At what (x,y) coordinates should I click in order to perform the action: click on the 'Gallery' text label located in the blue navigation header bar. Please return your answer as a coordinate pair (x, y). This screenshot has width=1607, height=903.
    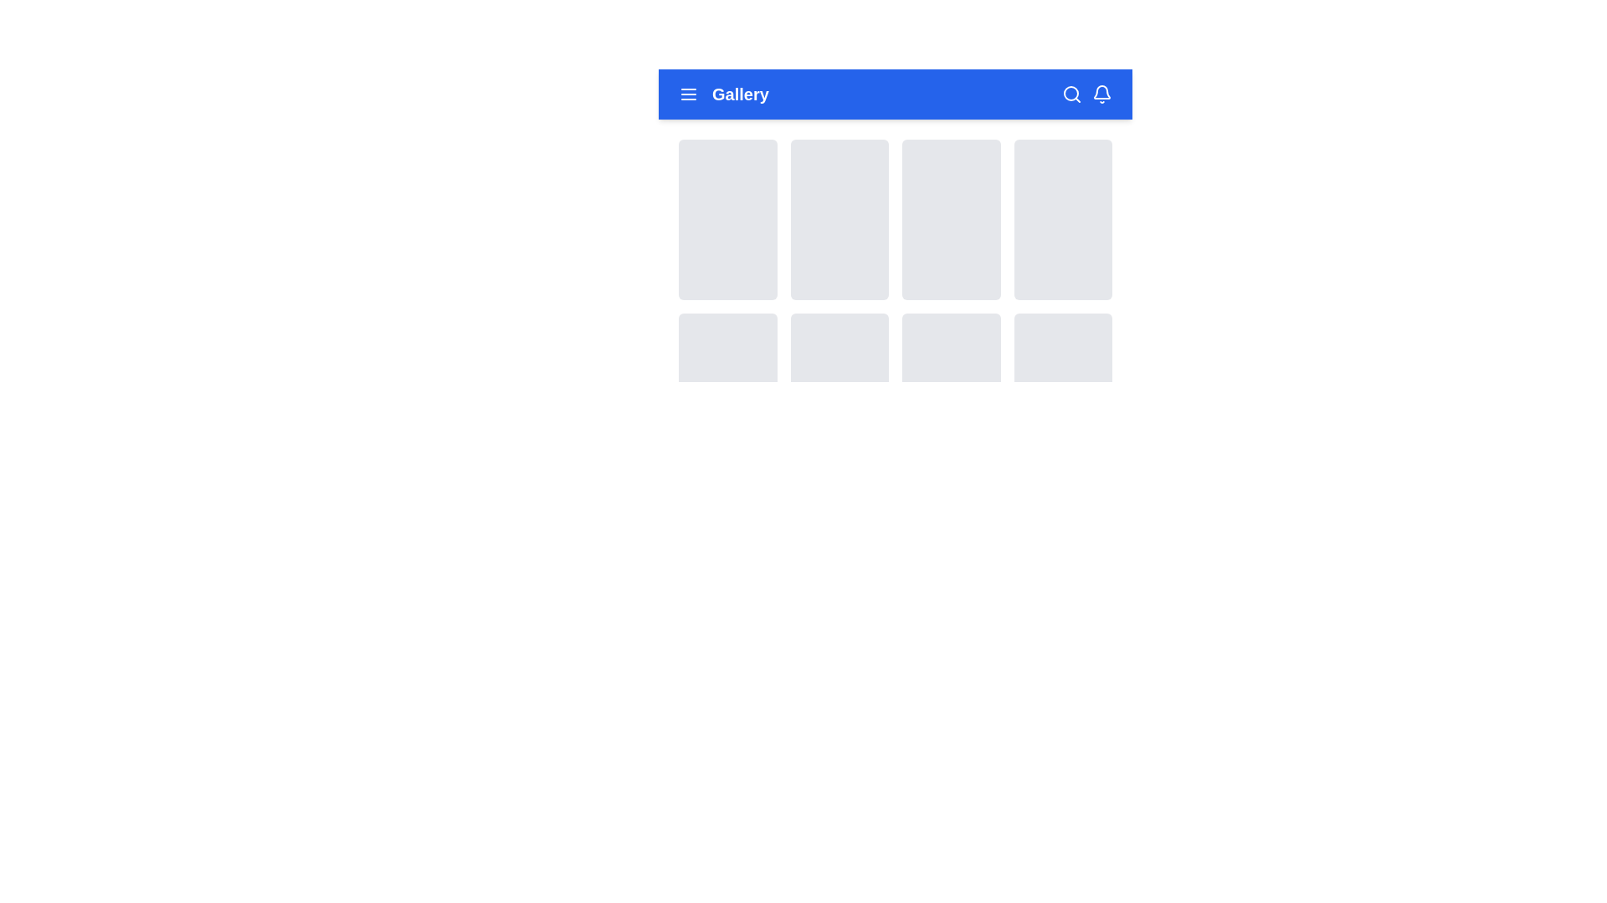
    Looking at the image, I should click on (723, 94).